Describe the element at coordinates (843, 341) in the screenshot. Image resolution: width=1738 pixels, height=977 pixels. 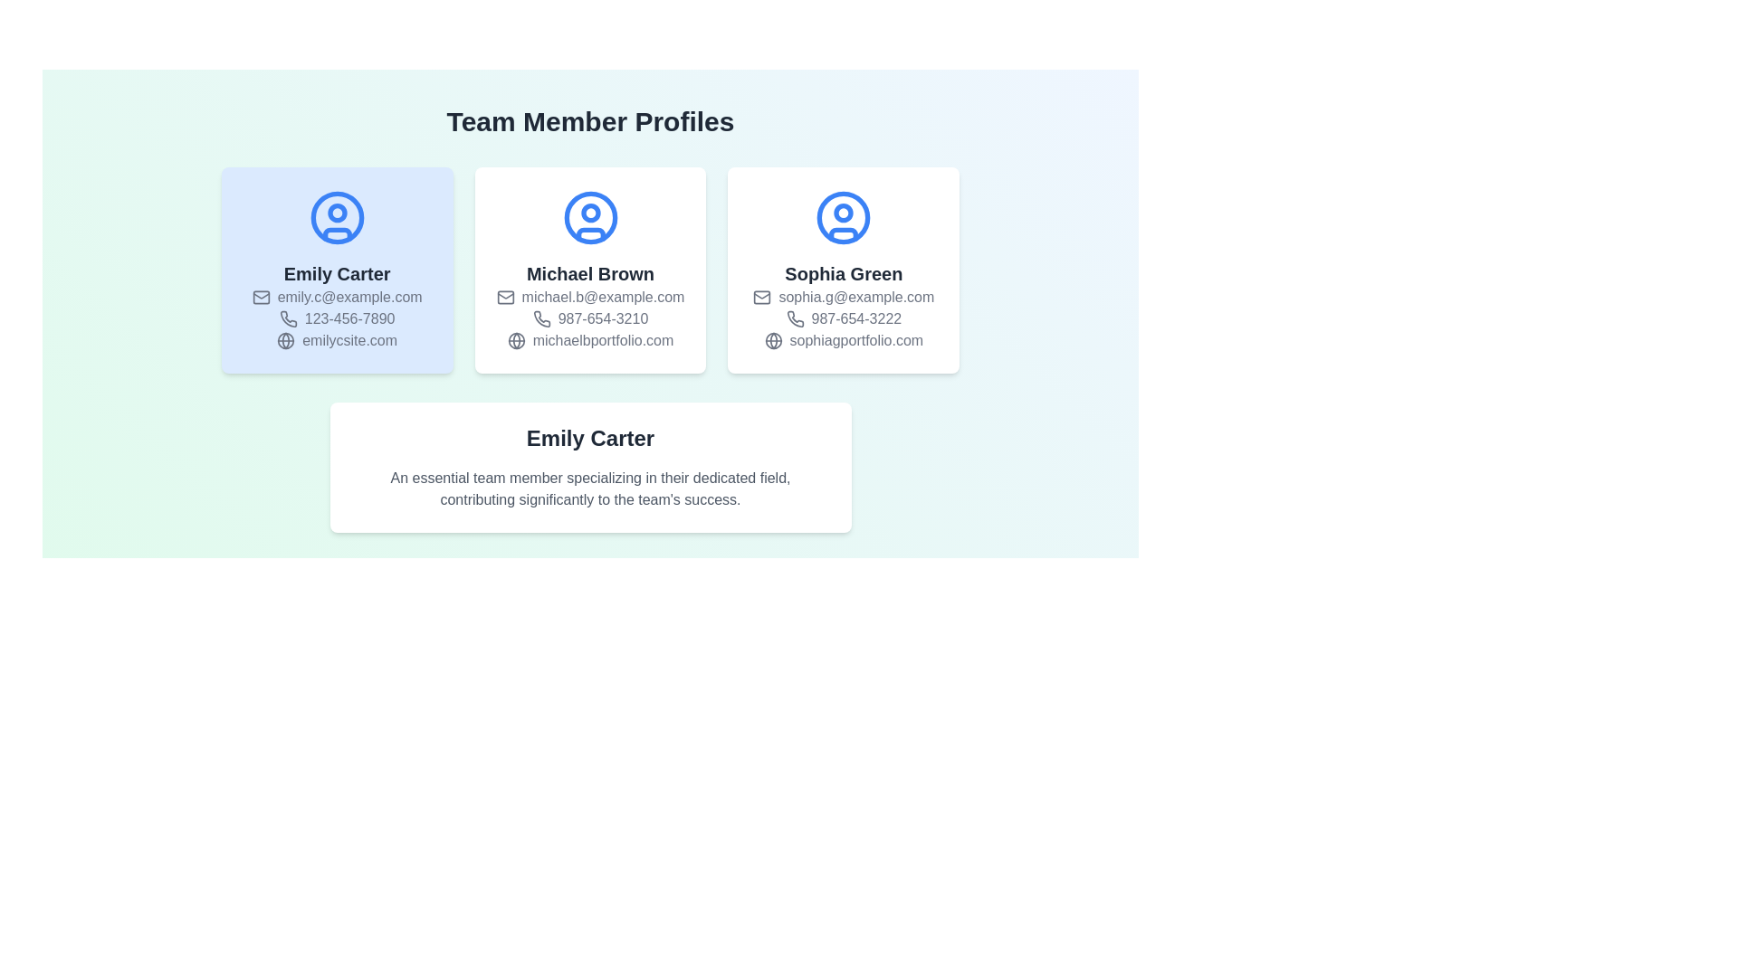
I see `the hyperlink 'sophiagportfolio.com' which features a globe icon and is located in the lower section of the card for 'Sophia Green'` at that location.